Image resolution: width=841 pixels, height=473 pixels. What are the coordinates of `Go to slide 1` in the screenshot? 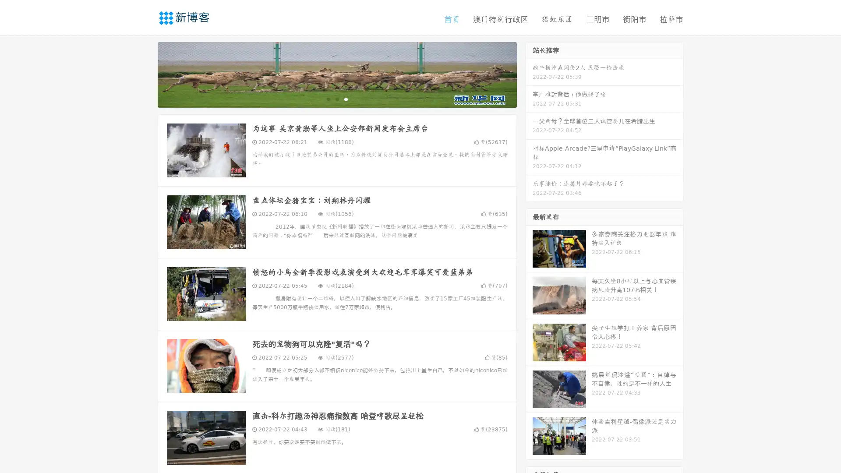 It's located at (328, 99).